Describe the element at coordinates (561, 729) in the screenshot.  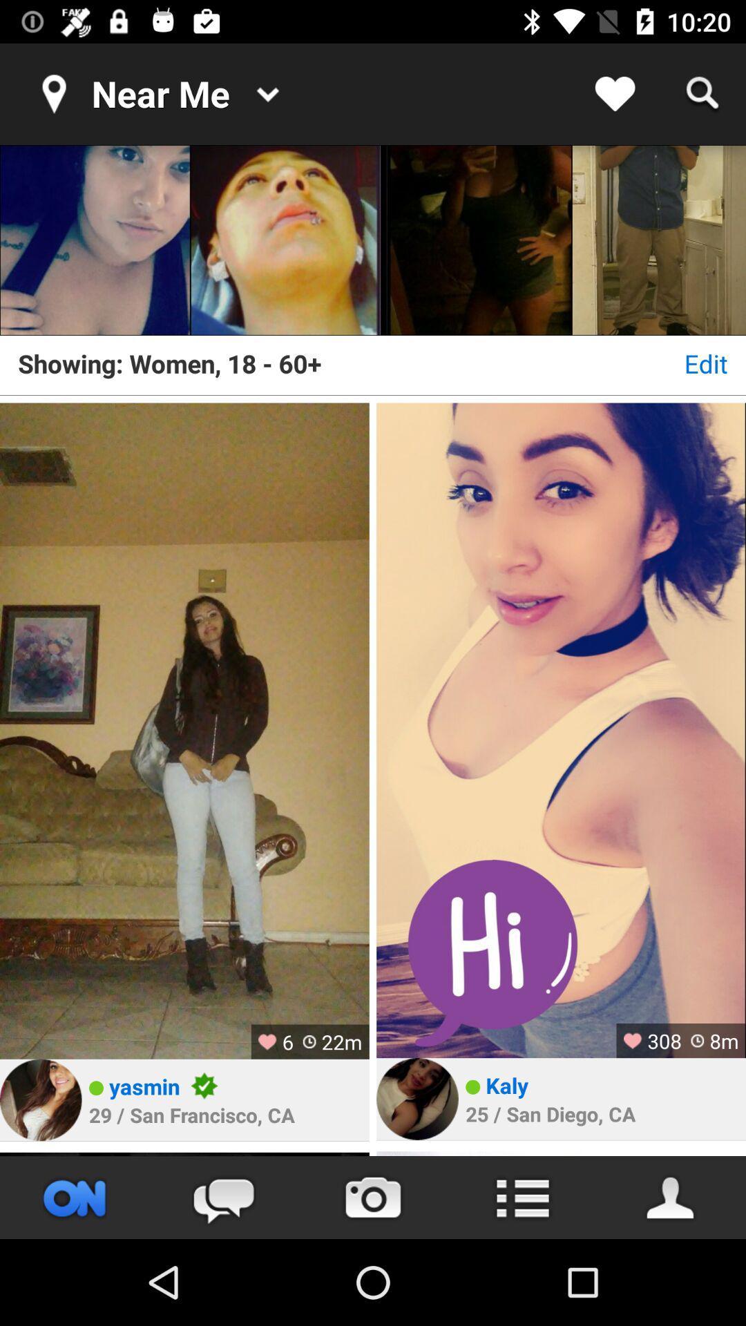
I see `the second image below edit` at that location.